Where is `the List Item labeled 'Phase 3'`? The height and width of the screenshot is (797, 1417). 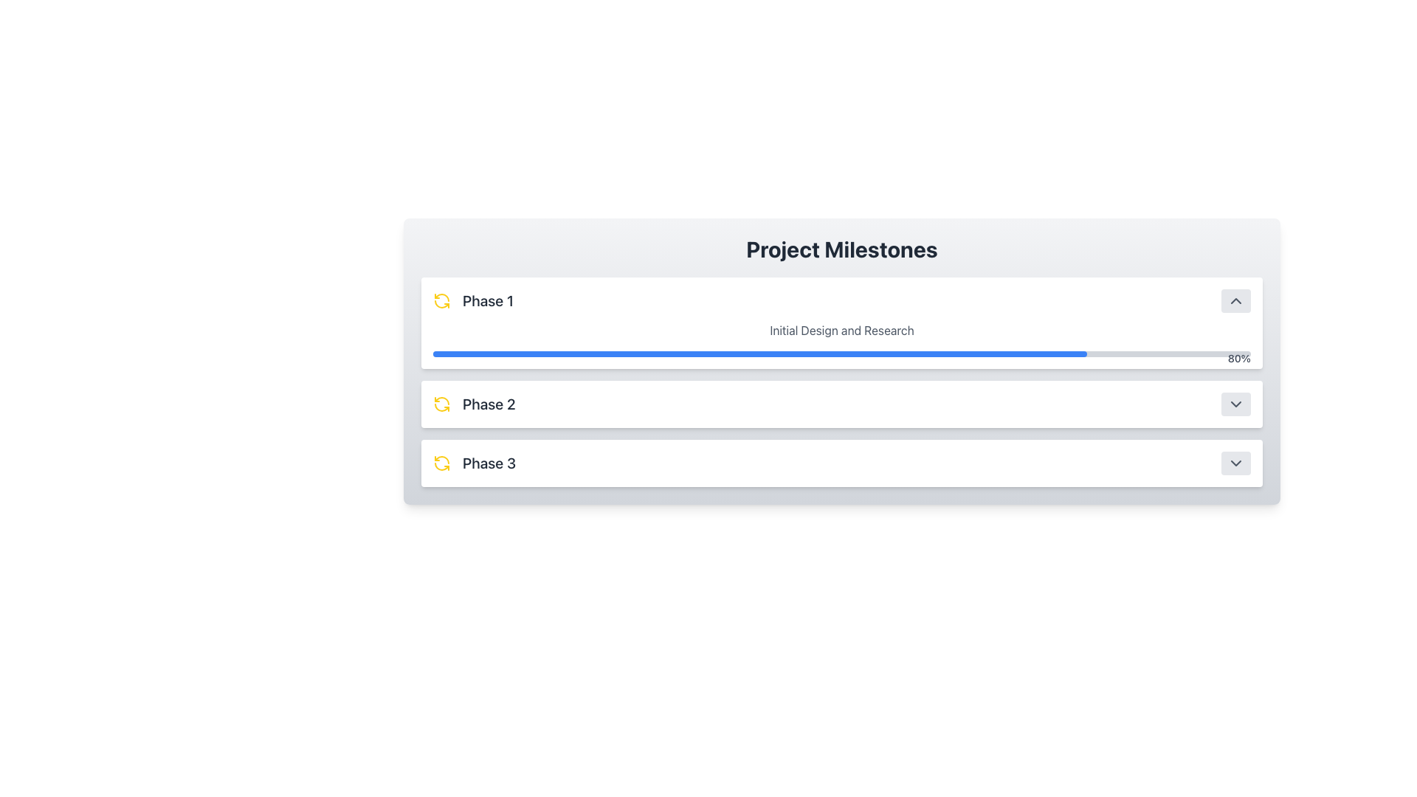 the List Item labeled 'Phase 3' is located at coordinates (842, 463).